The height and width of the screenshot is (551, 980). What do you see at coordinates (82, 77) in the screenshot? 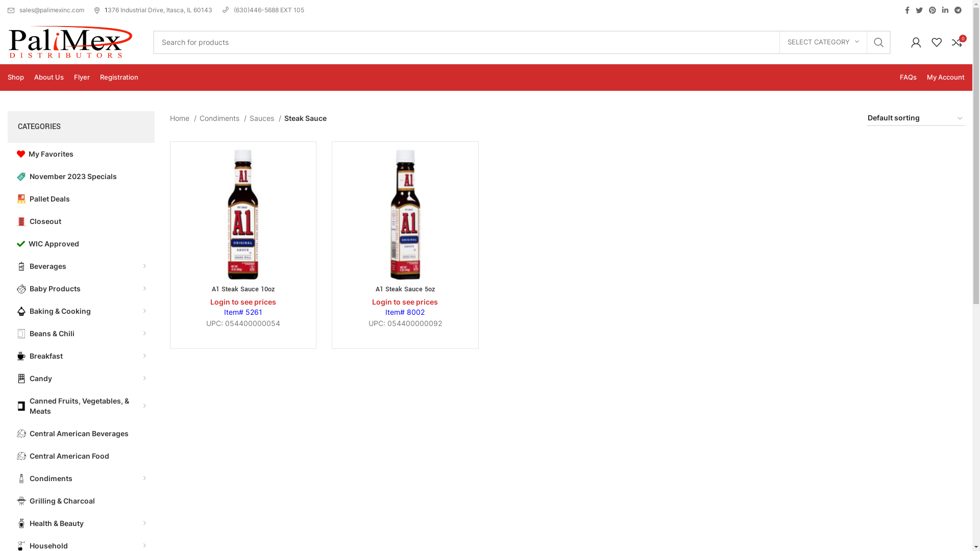
I see `'Flyer'` at bounding box center [82, 77].